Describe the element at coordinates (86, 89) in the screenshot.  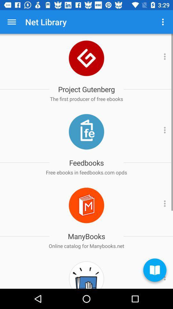
I see `the project gutenberg icon` at that location.